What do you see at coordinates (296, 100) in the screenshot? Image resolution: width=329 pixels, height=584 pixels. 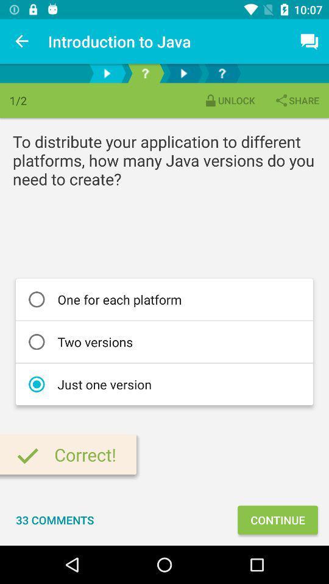 I see `the icon next to unlock item` at bounding box center [296, 100].